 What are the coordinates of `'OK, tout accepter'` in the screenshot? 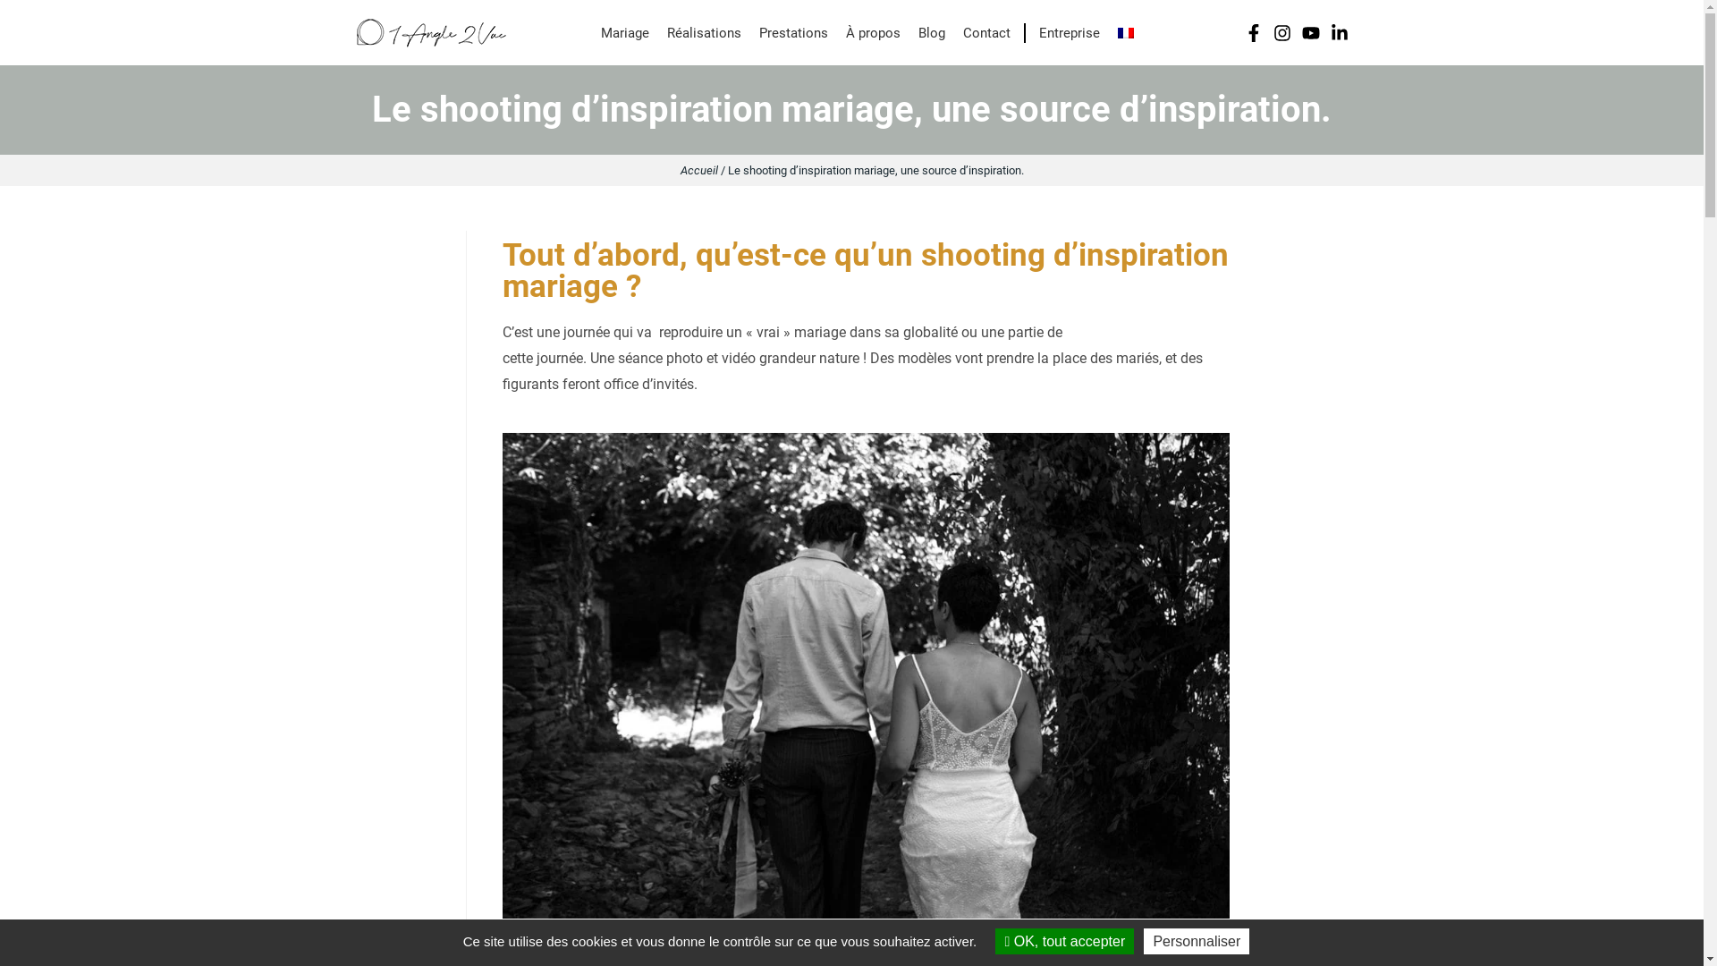 It's located at (1064, 940).